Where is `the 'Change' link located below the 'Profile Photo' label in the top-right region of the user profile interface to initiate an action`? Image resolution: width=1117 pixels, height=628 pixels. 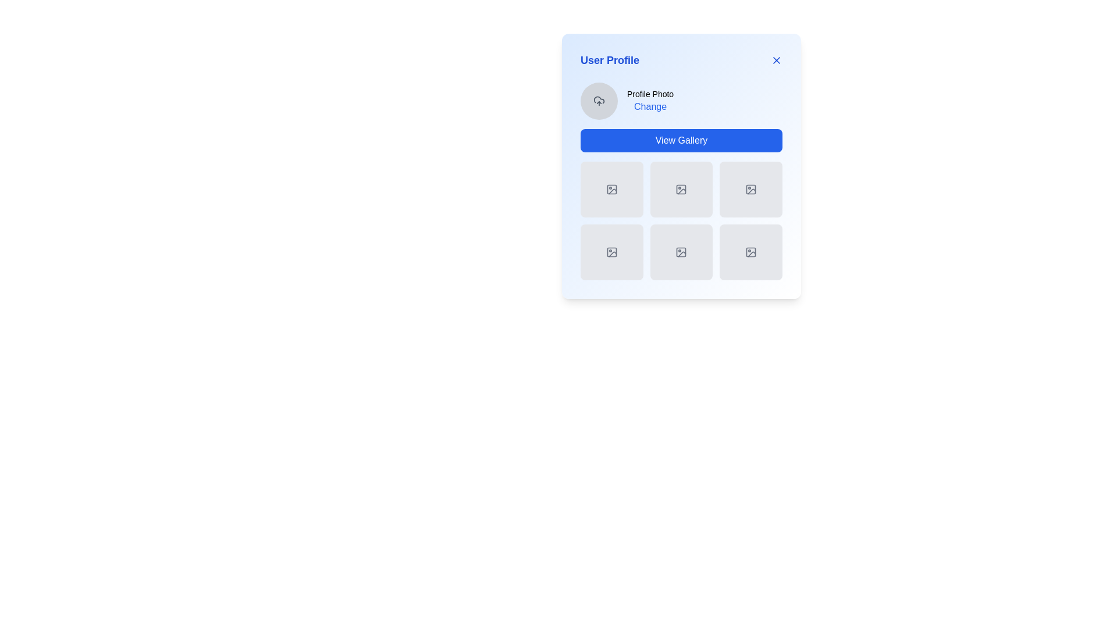
the 'Change' link located below the 'Profile Photo' label in the top-right region of the user profile interface to initiate an action is located at coordinates (650, 100).